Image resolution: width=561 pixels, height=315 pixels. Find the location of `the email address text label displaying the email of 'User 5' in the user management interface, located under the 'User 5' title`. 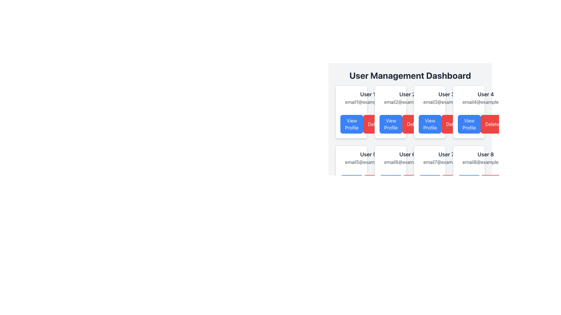

the email address text label displaying the email of 'User 5' in the user management interface, located under the 'User 5' title is located at coordinates (368, 162).